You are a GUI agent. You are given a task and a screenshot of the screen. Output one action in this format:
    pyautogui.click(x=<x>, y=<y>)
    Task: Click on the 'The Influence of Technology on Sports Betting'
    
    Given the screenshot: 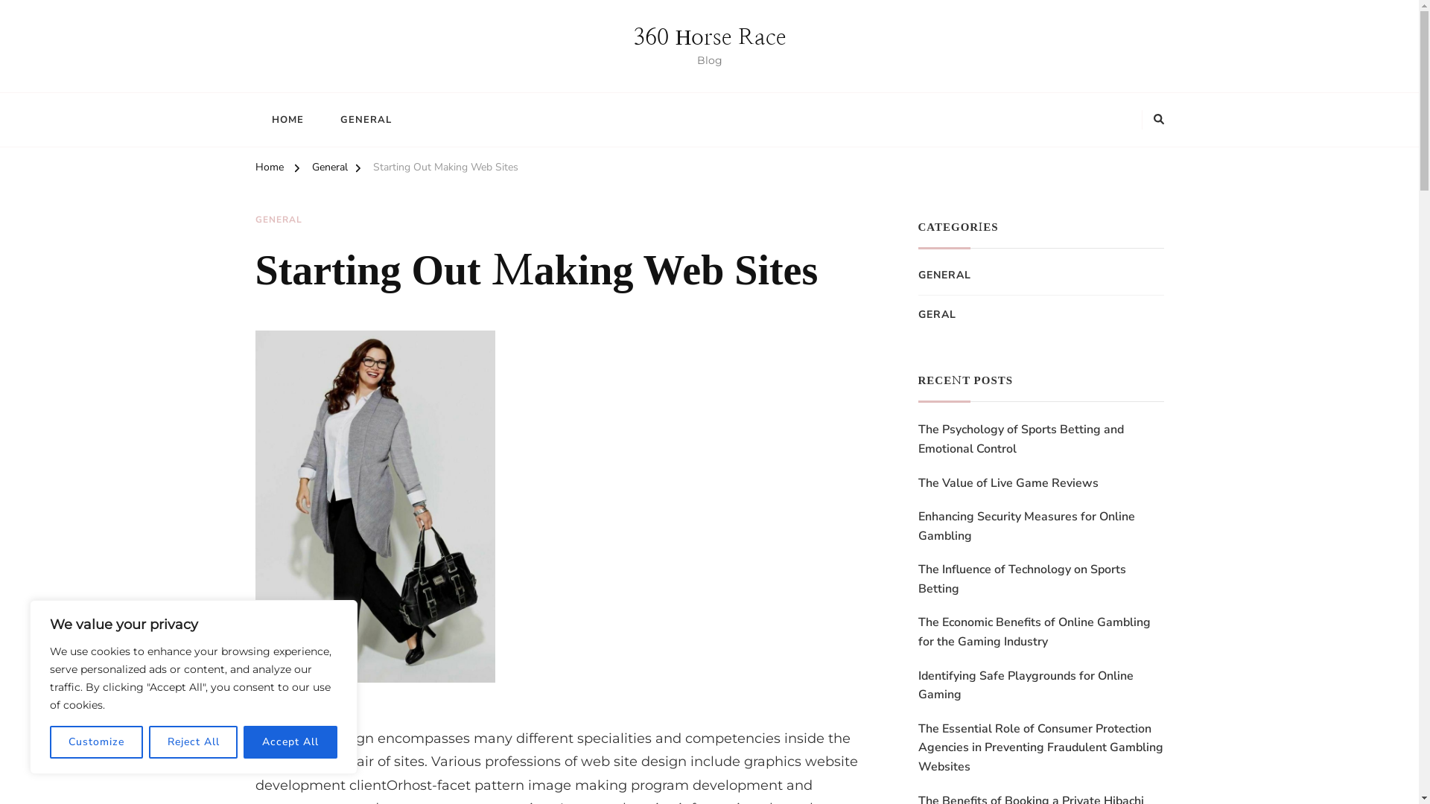 What is the action you would take?
    pyautogui.click(x=917, y=578)
    